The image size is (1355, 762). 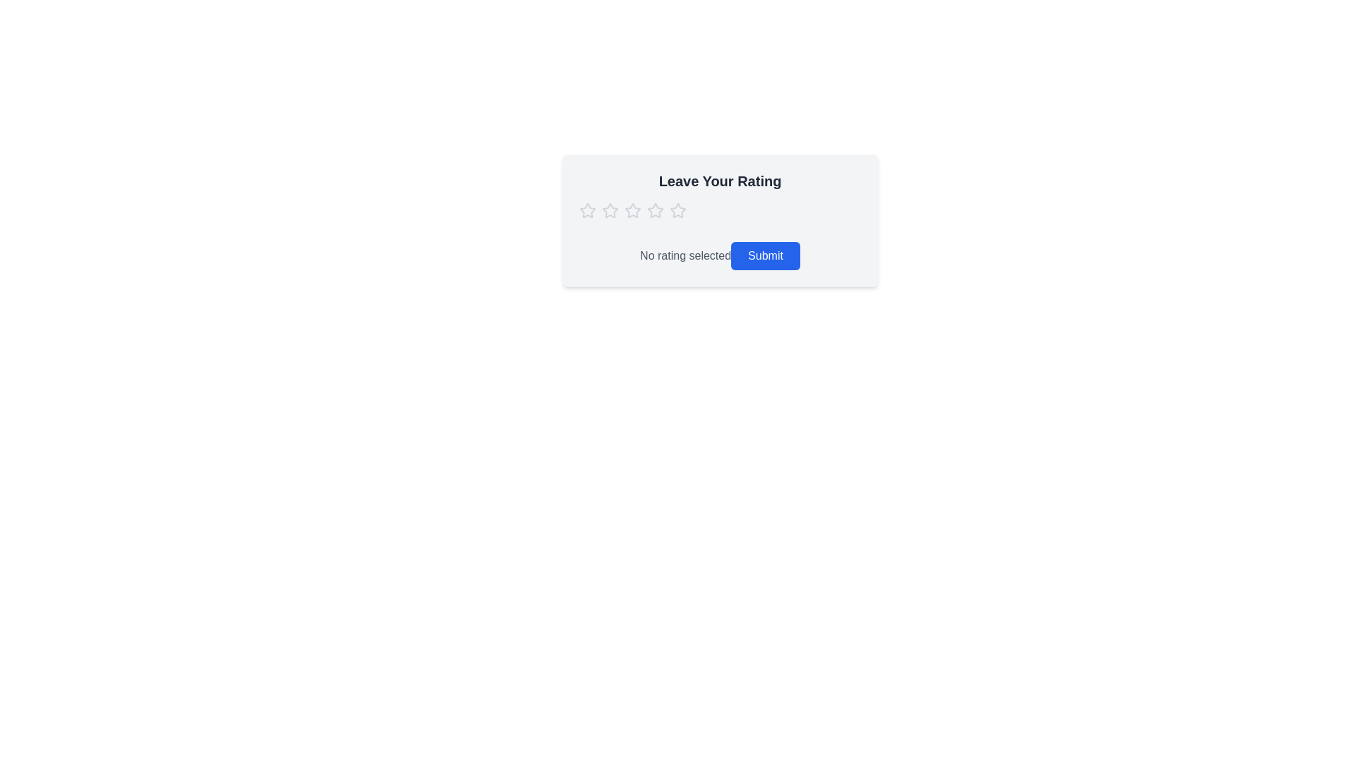 What do you see at coordinates (764, 255) in the screenshot?
I see `the 'Submit' button with a blue background and white text` at bounding box center [764, 255].